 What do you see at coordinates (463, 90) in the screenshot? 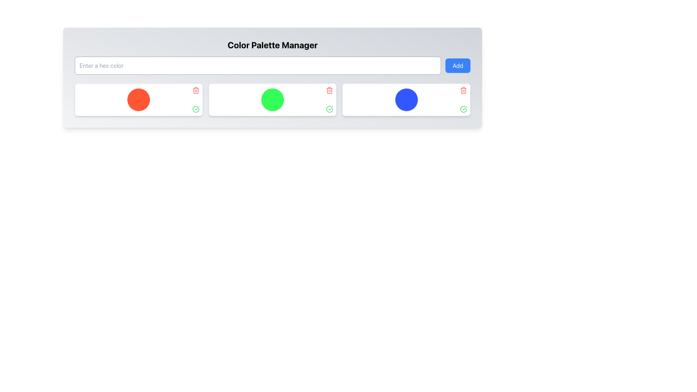
I see `the delete button located at the upper-right corner of the rightmost card, which is used` at bounding box center [463, 90].